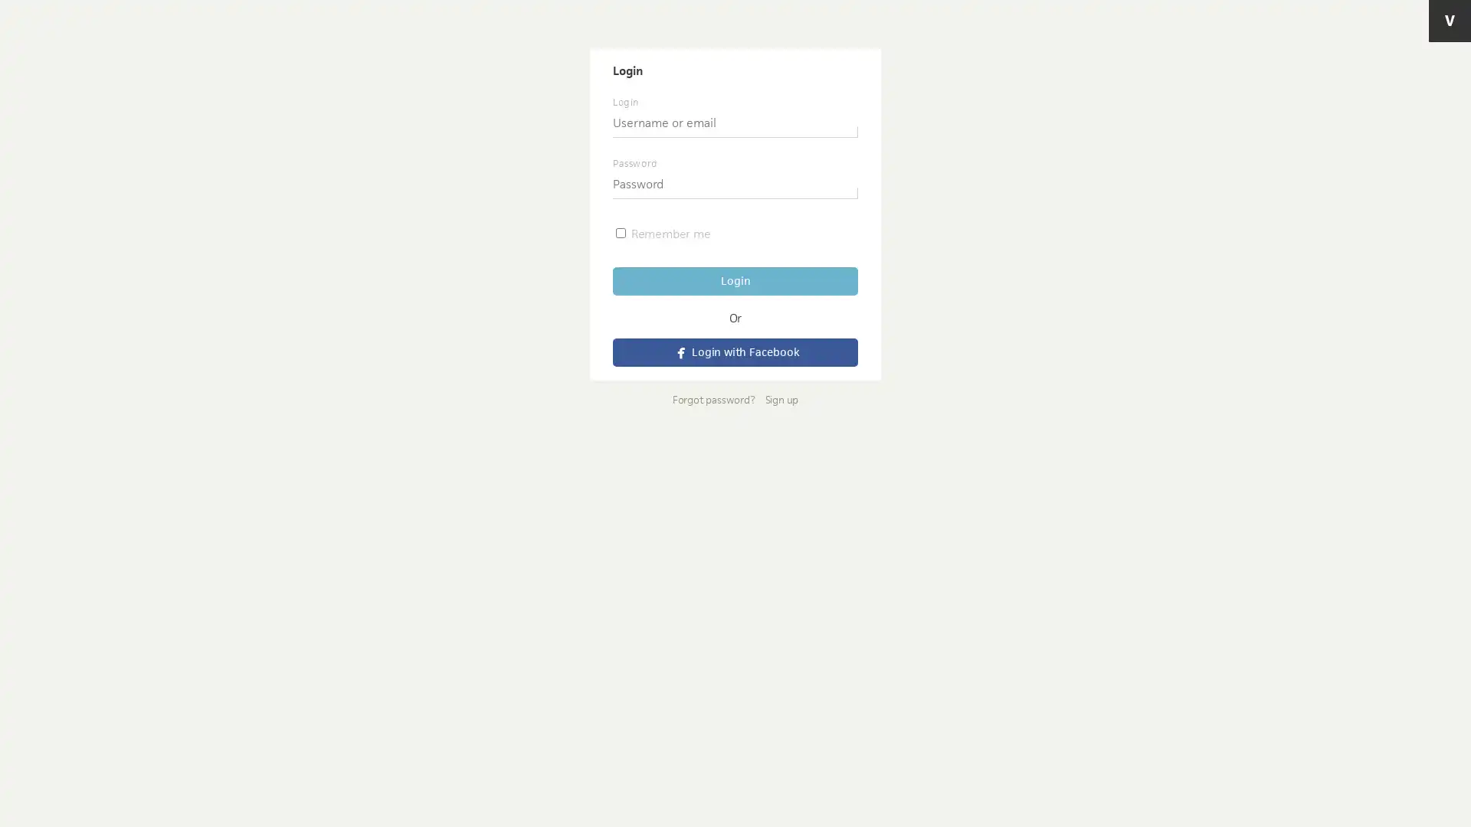 The image size is (1471, 827). I want to click on Login, so click(735, 281).